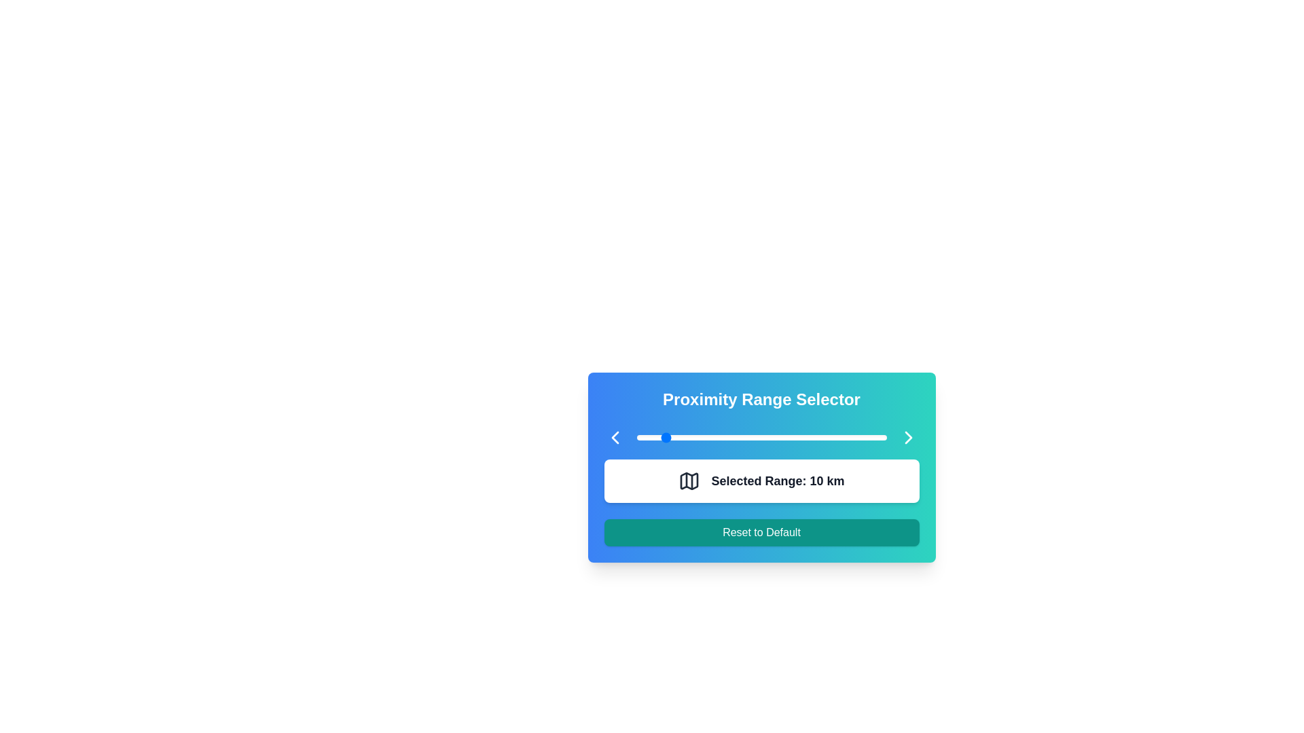 This screenshot has width=1304, height=733. What do you see at coordinates (736, 437) in the screenshot?
I see `the proximity range` at bounding box center [736, 437].